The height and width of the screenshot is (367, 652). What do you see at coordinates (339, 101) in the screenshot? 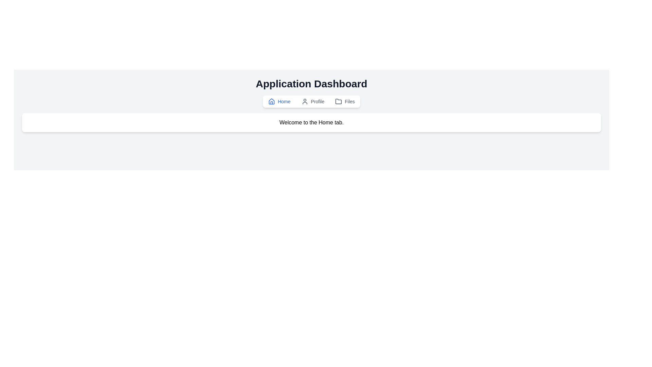
I see `the folder icon in the navigation bar, which is styled with a gray outline and resembles a traditional folder, located between the 'Profile' icon and the 'Files' text label` at bounding box center [339, 101].